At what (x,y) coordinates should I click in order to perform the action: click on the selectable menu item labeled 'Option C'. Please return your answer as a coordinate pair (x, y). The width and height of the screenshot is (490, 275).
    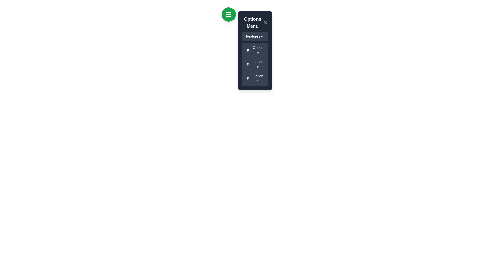
    Looking at the image, I should click on (255, 78).